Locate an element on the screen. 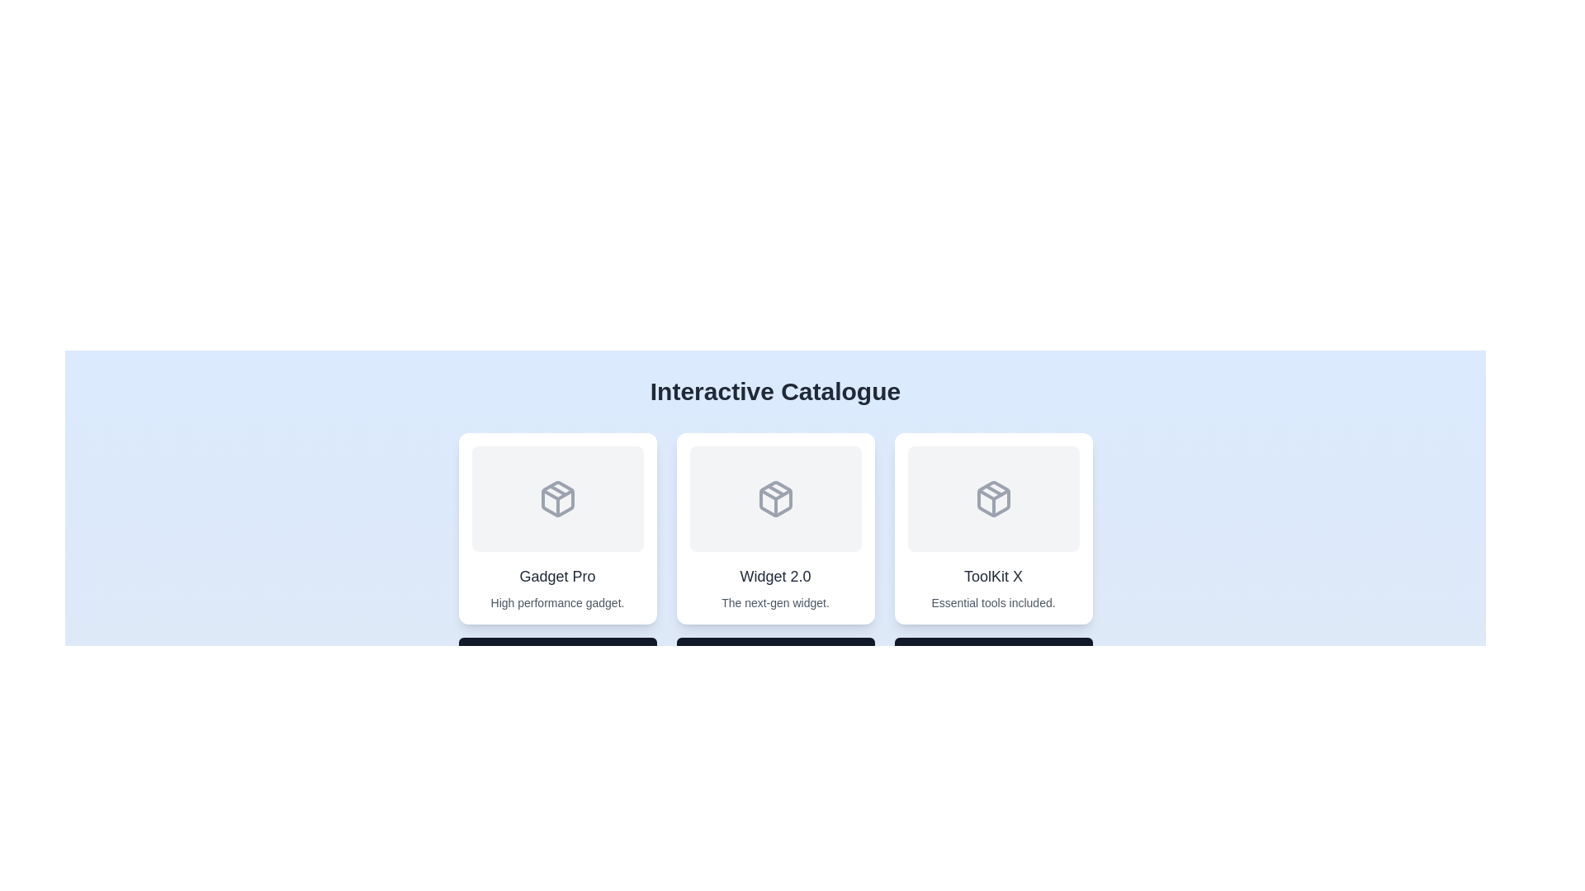  the Text Label that contains the text 'Essential tools included.' which is styled in a small gray font and centered within the card labeled 'ToolKit X' is located at coordinates (992, 603).